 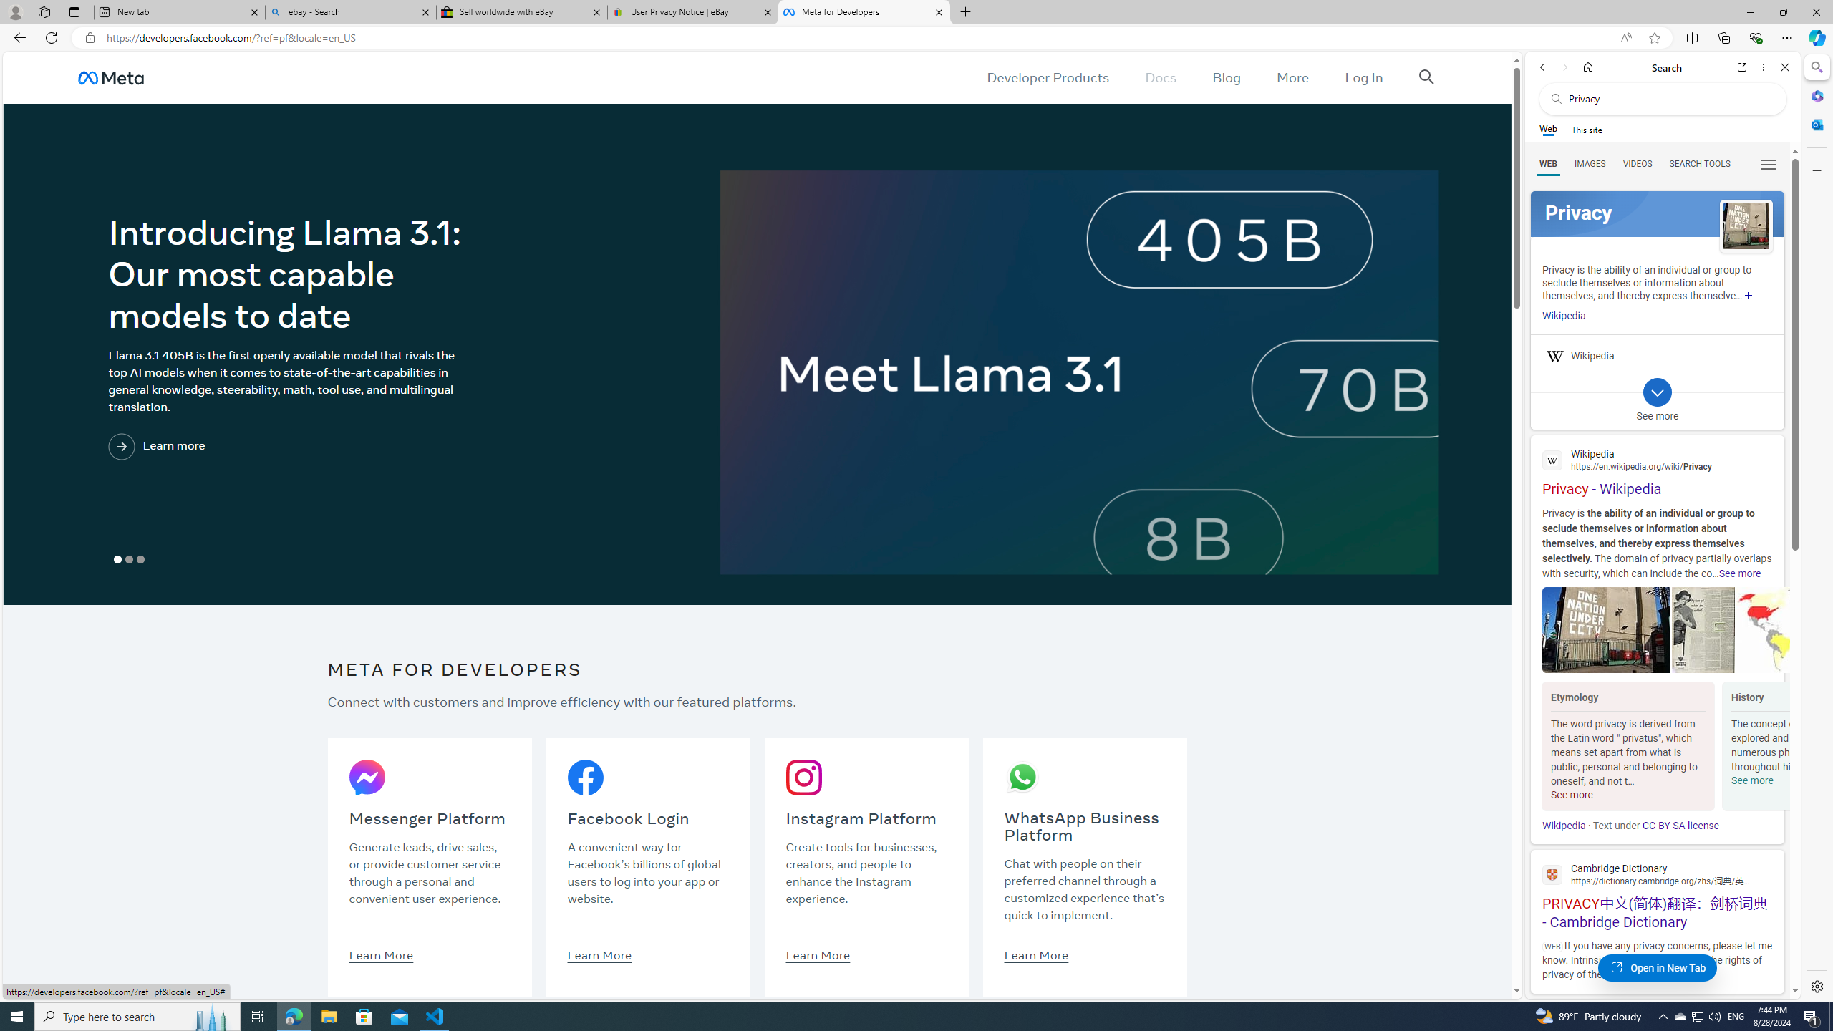 What do you see at coordinates (1657, 213) in the screenshot?
I see `'Class: spl_logobg'` at bounding box center [1657, 213].